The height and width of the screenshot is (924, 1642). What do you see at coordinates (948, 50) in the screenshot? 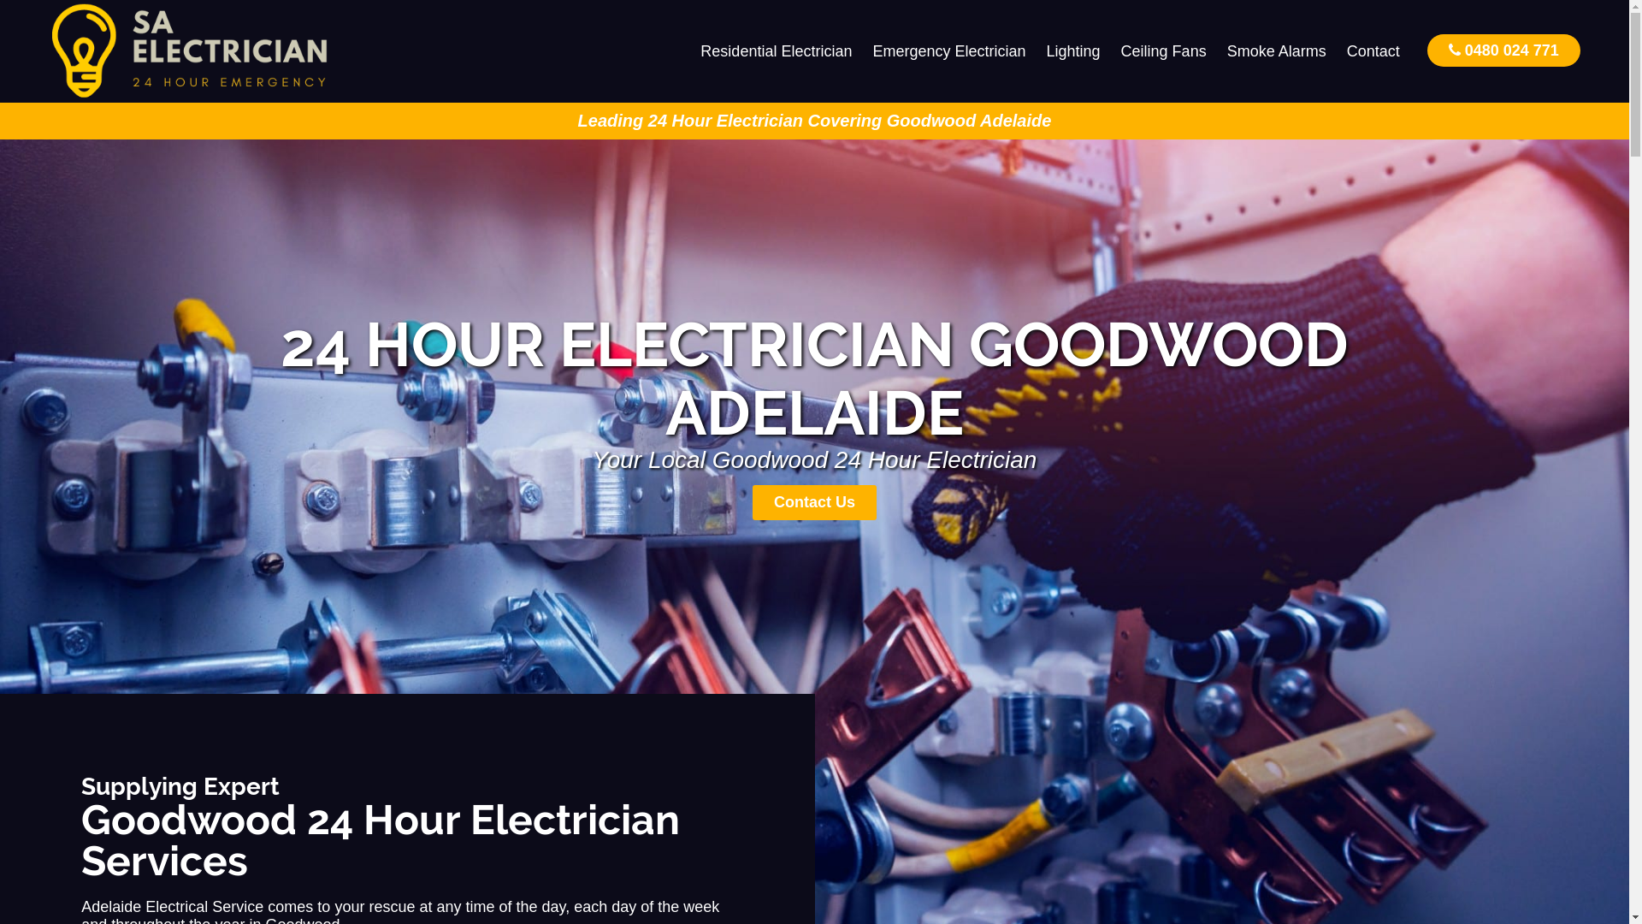
I see `'Emergency Electrician'` at bounding box center [948, 50].